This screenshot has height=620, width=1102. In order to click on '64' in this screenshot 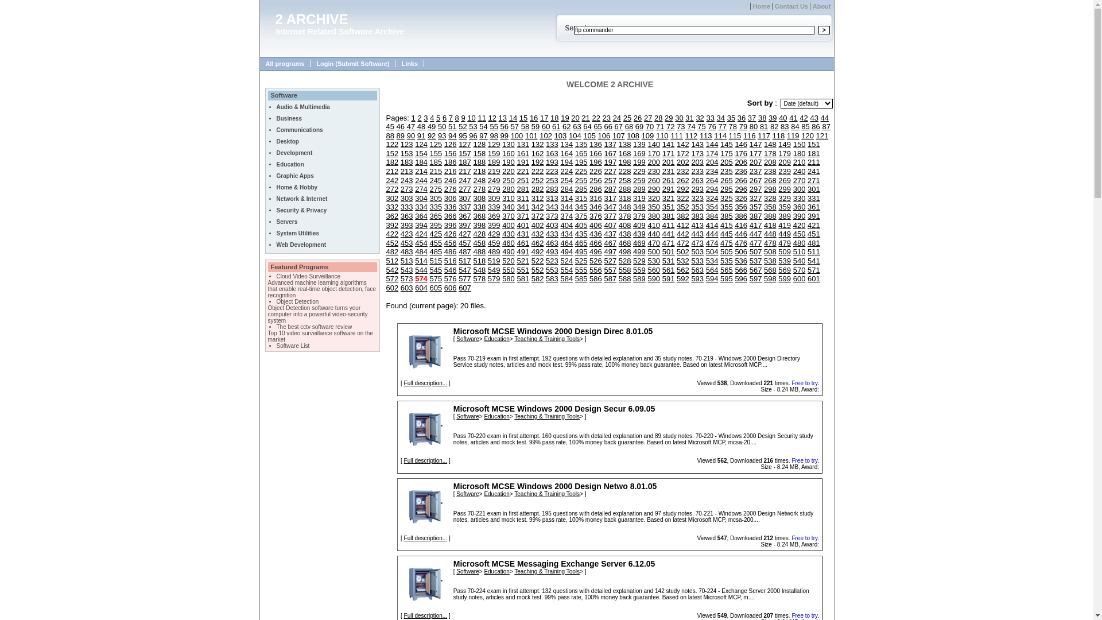, I will do `click(583, 126)`.